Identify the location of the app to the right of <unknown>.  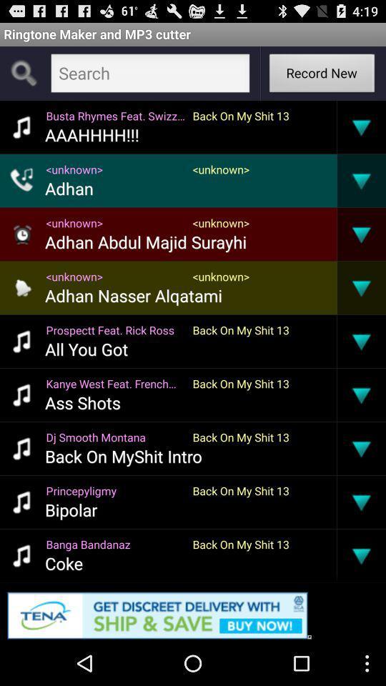
(337, 179).